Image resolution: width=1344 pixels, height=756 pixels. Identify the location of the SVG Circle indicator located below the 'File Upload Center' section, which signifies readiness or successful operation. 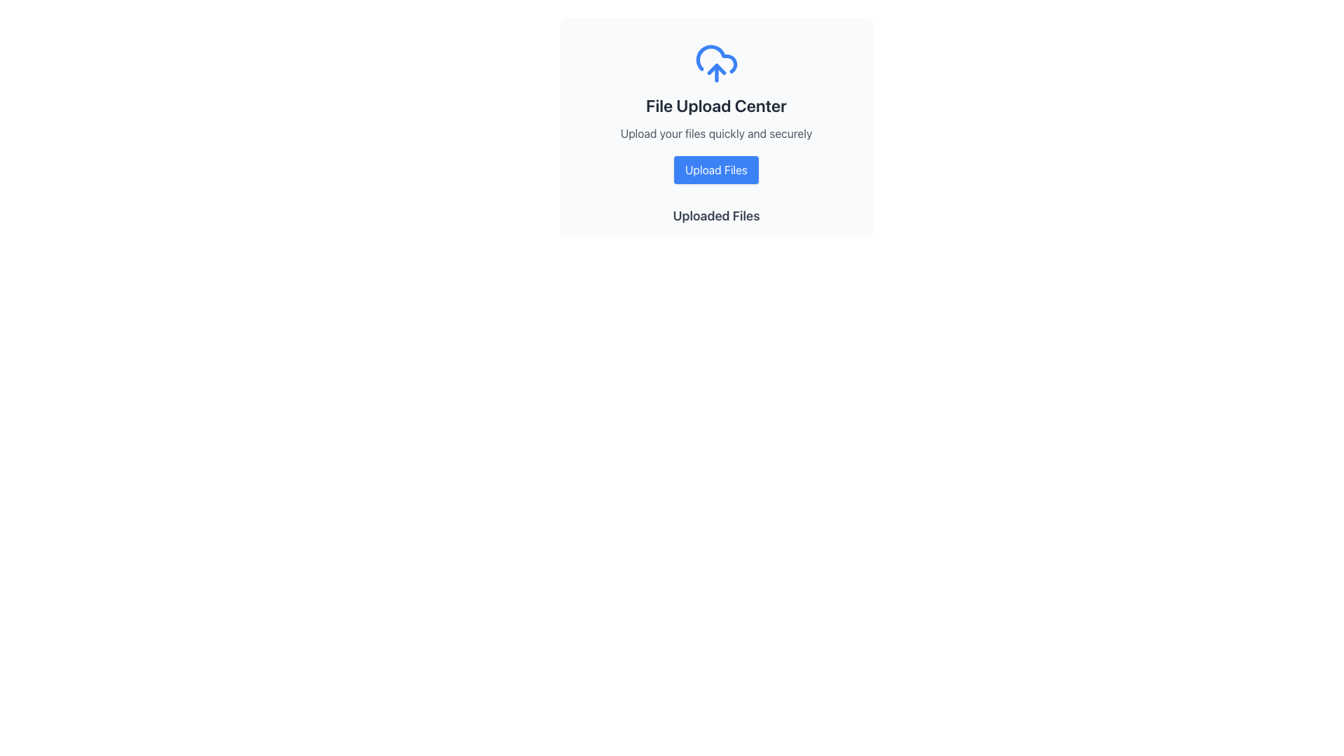
(589, 245).